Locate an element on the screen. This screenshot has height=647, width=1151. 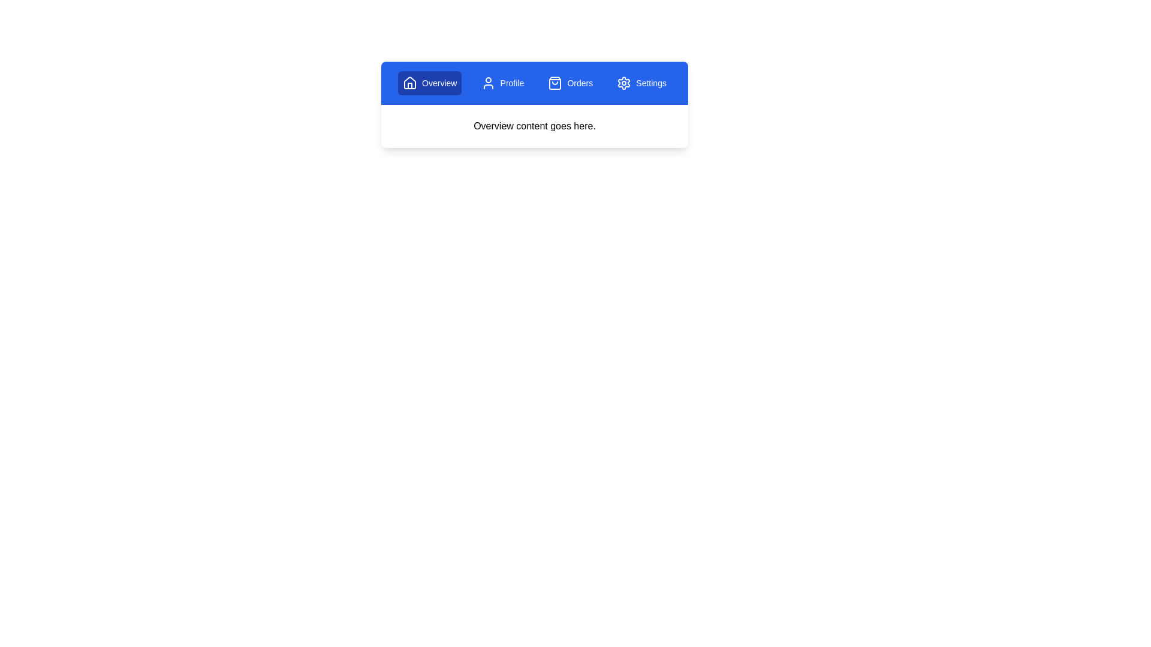
the 'Orders' text label, which is part of a button-like structure in the navigation bar, located between 'Profile' and 'Settings', and next to a shopping bag icon is located at coordinates (580, 82).